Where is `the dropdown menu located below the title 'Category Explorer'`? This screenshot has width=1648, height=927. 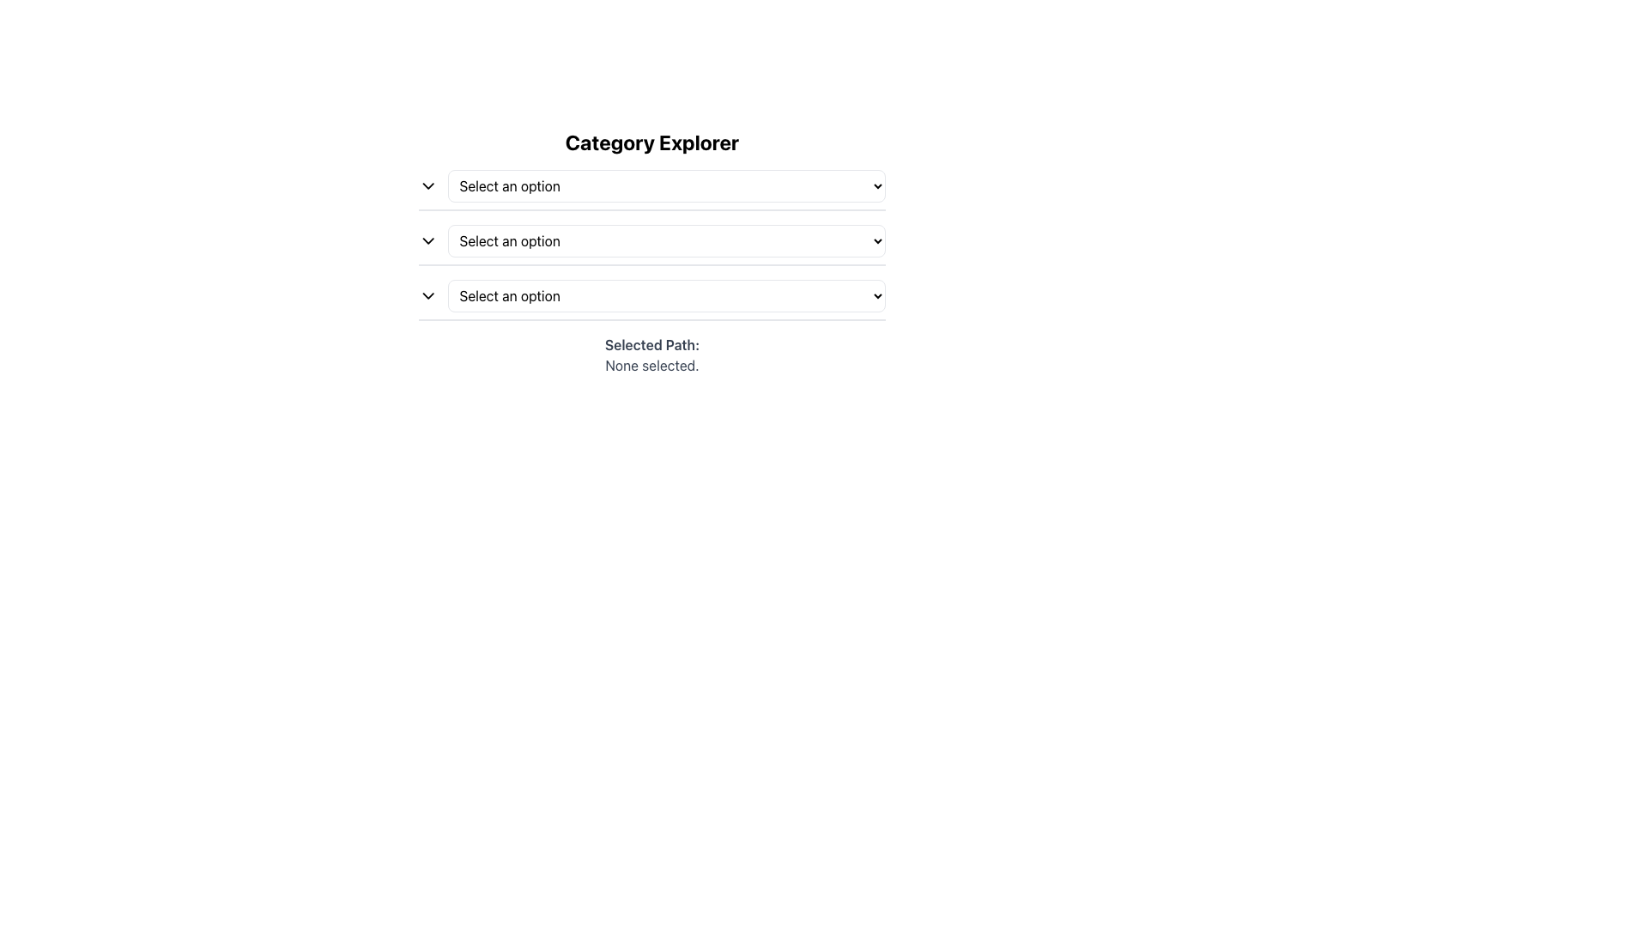 the dropdown menu located below the title 'Category Explorer' is located at coordinates (651, 191).